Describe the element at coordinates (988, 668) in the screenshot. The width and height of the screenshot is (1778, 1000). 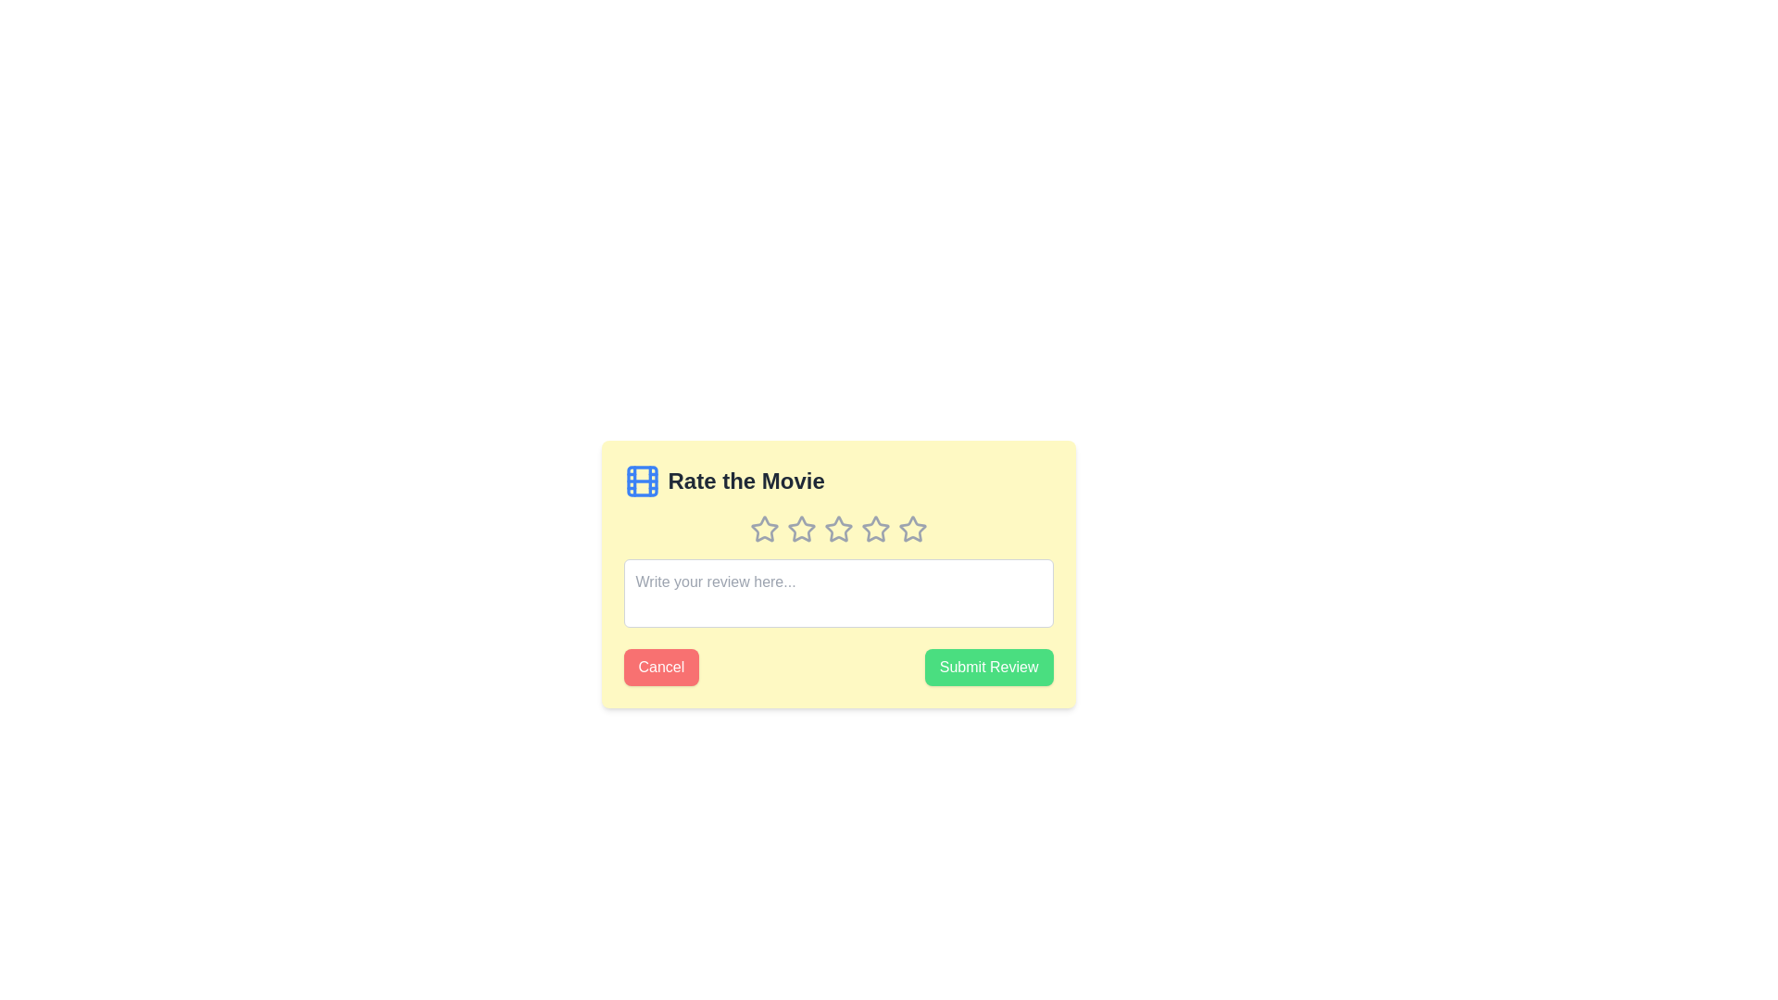
I see `the 'Submit' button located at the bottom right of the 'Rate the Movie' dialog box` at that location.